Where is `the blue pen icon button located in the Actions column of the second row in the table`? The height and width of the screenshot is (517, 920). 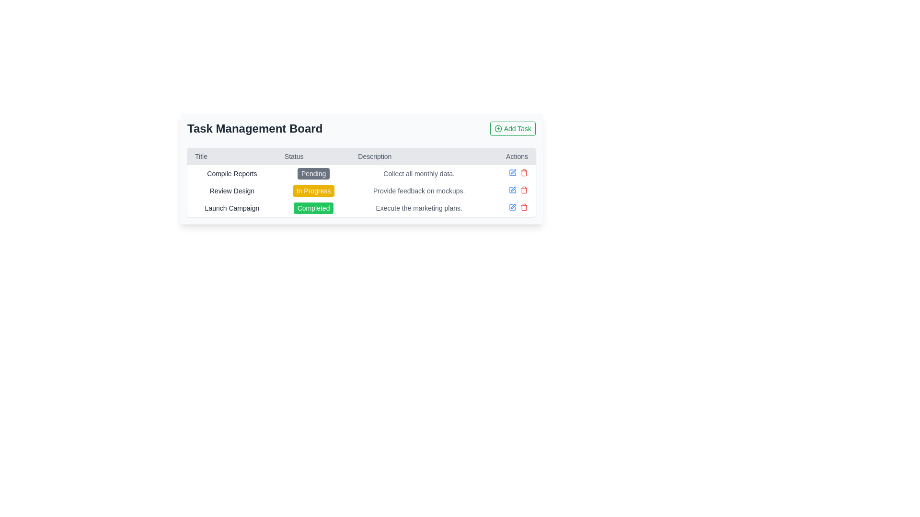 the blue pen icon button located in the Actions column of the second row in the table is located at coordinates (512, 190).